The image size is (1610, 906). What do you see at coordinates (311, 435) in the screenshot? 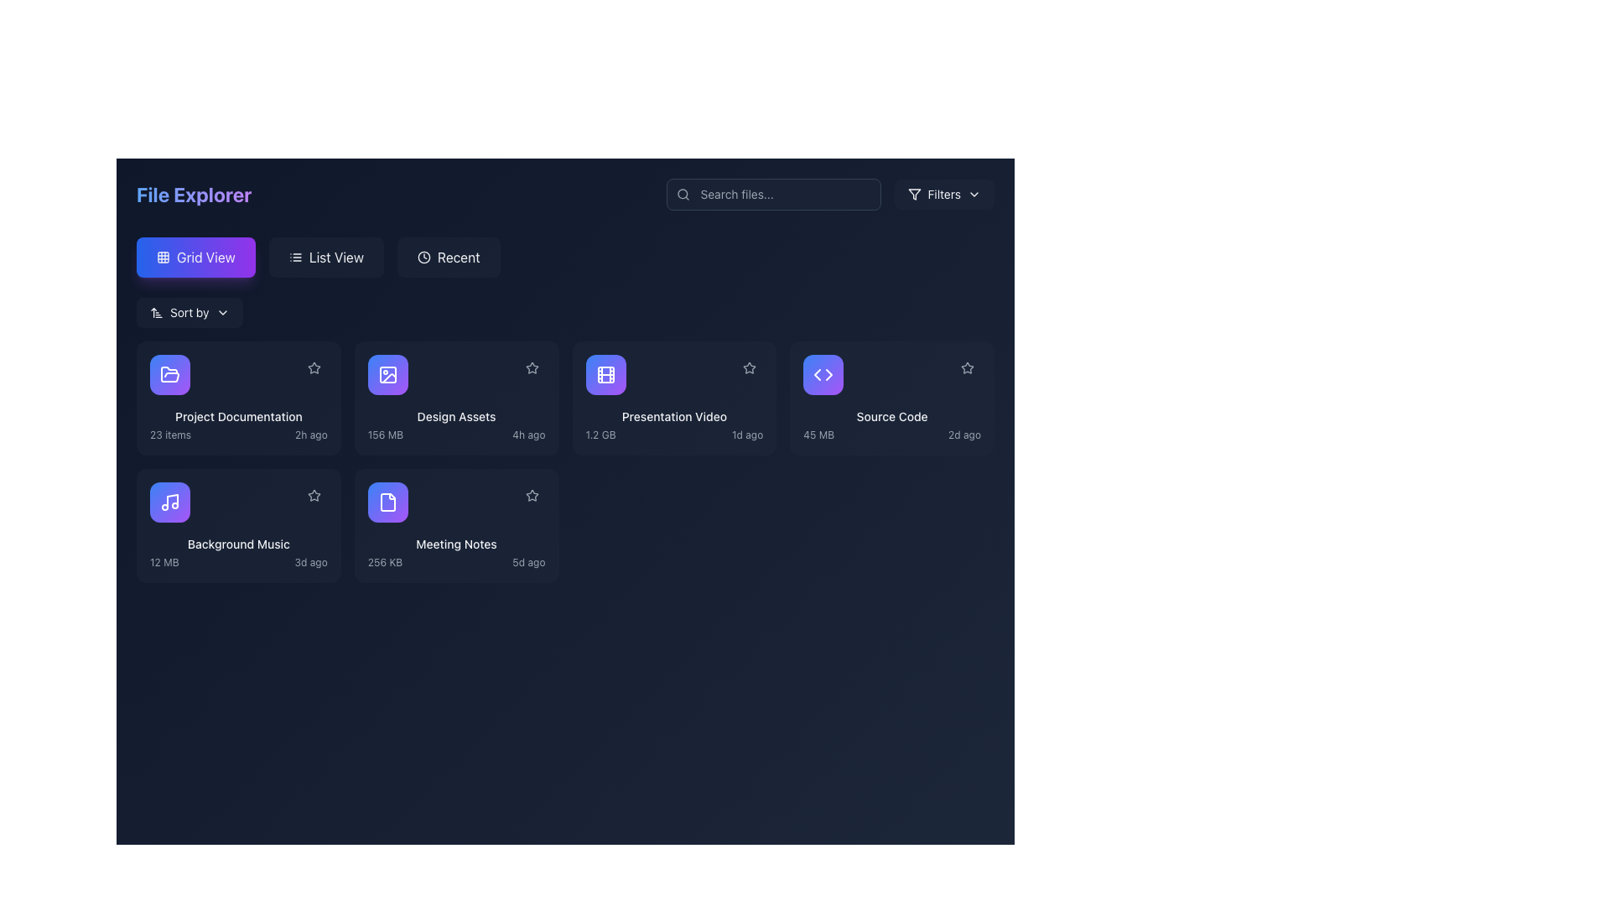
I see `timestamp value displayed in the text label located to the right of '23 items' in the 'Project Documentation' section` at bounding box center [311, 435].